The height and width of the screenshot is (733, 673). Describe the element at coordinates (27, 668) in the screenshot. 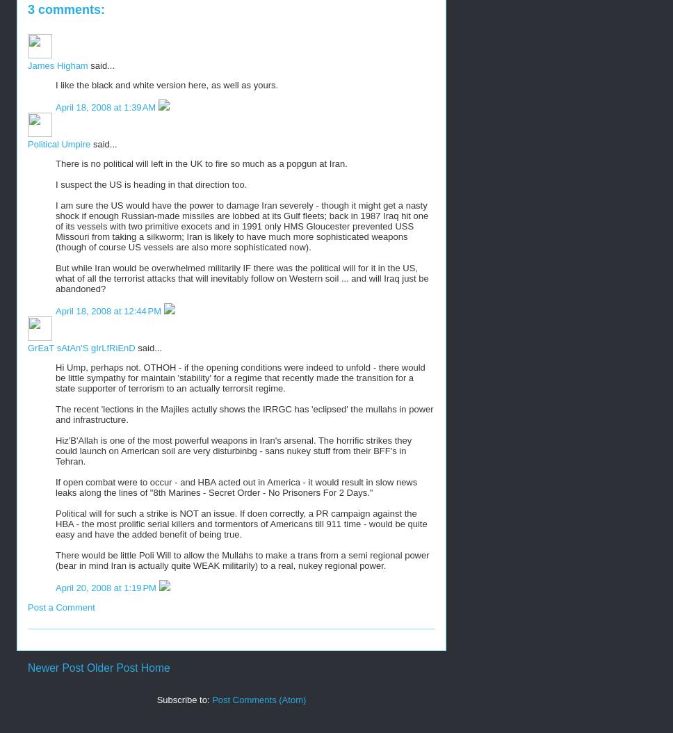

I see `'Newer Post'` at that location.